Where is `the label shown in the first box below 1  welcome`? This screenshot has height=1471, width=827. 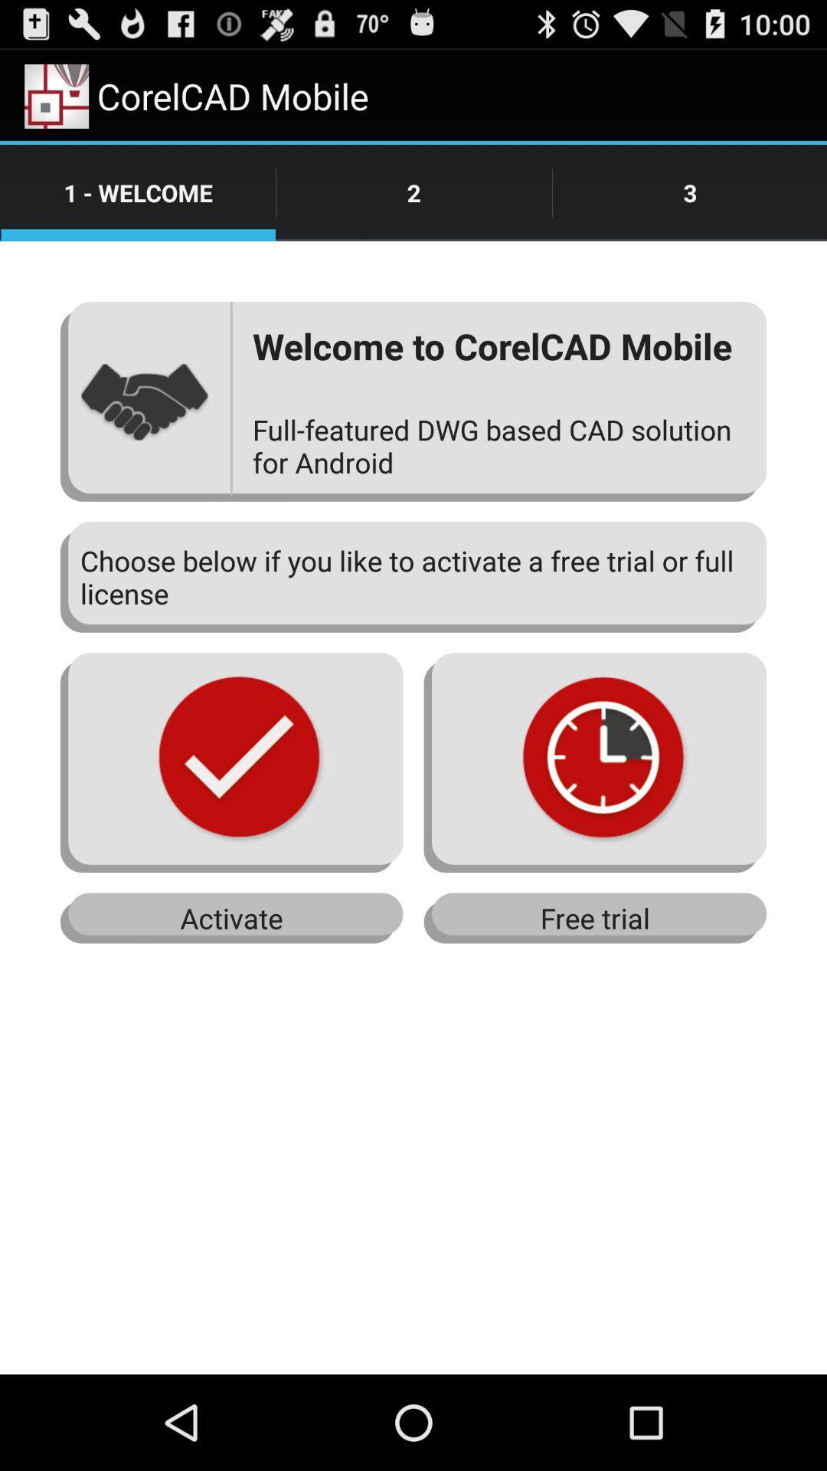
the label shown in the first box below 1  welcome is located at coordinates (145, 401).